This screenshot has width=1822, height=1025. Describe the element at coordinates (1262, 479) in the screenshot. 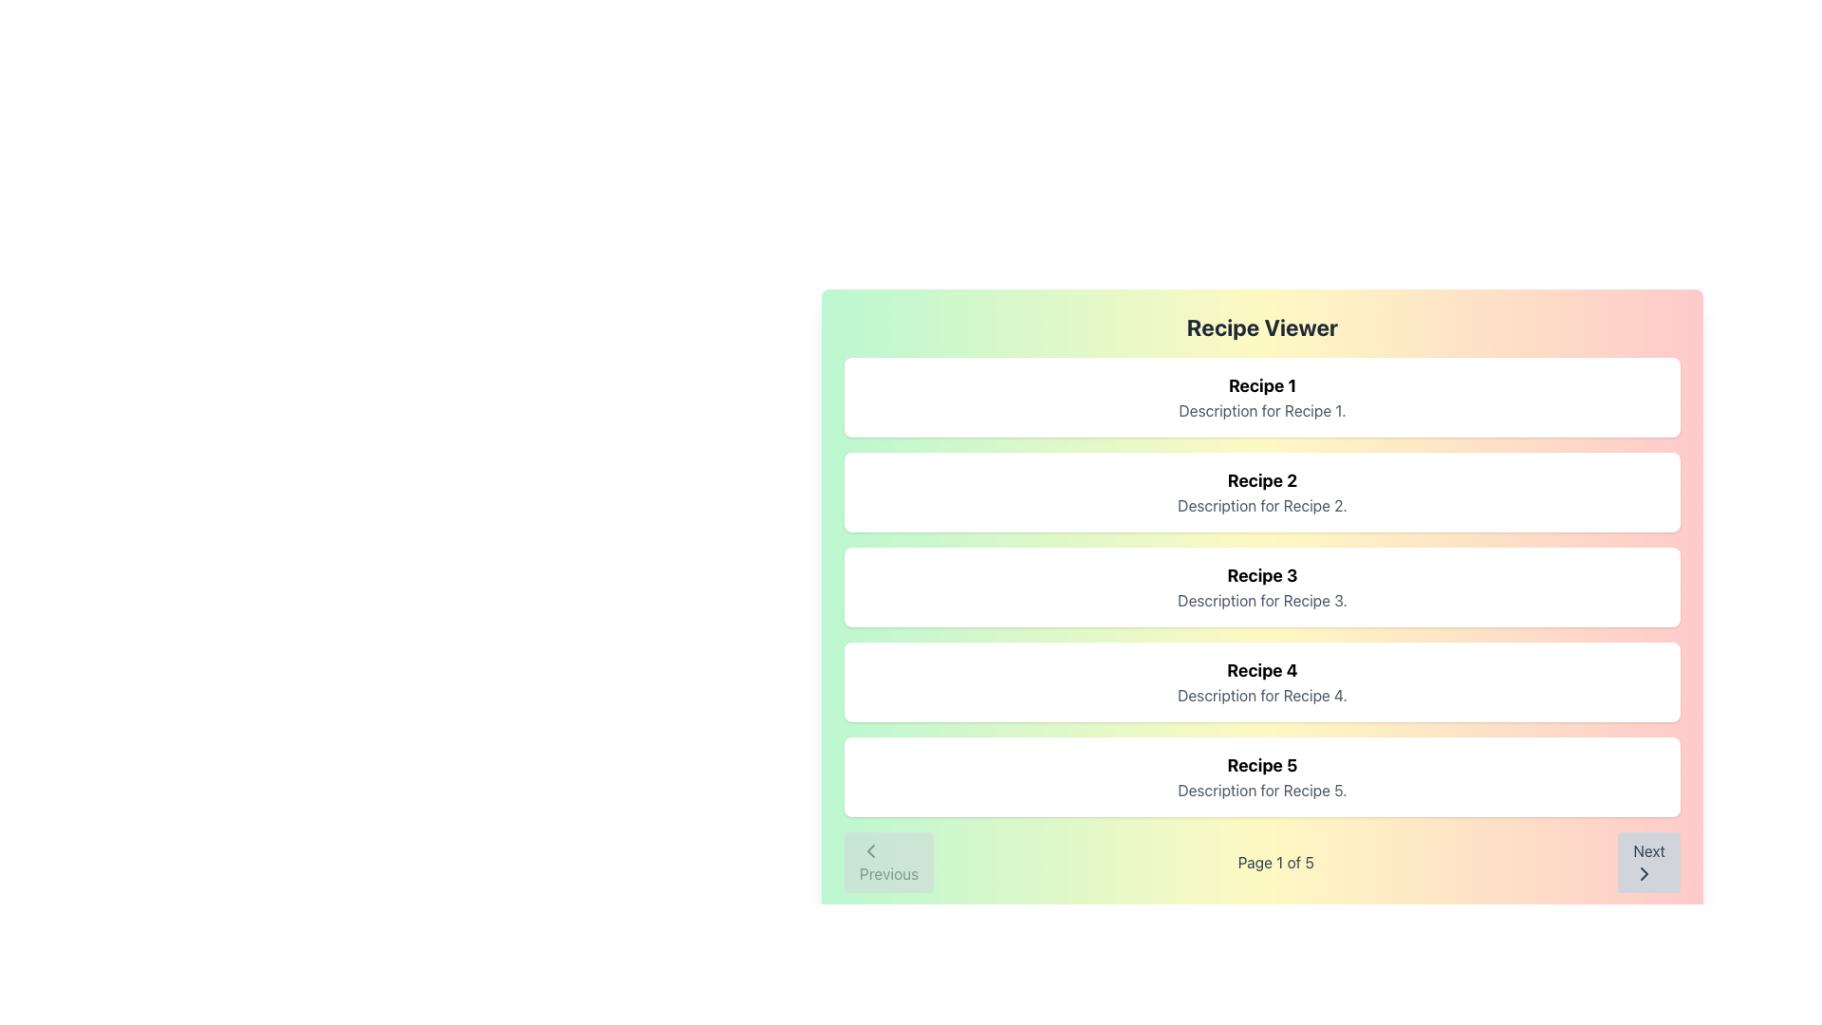

I see `the text element displaying 'Recipe 2', which is styled as a bold heading and located in the second card-like section of the content area` at that location.